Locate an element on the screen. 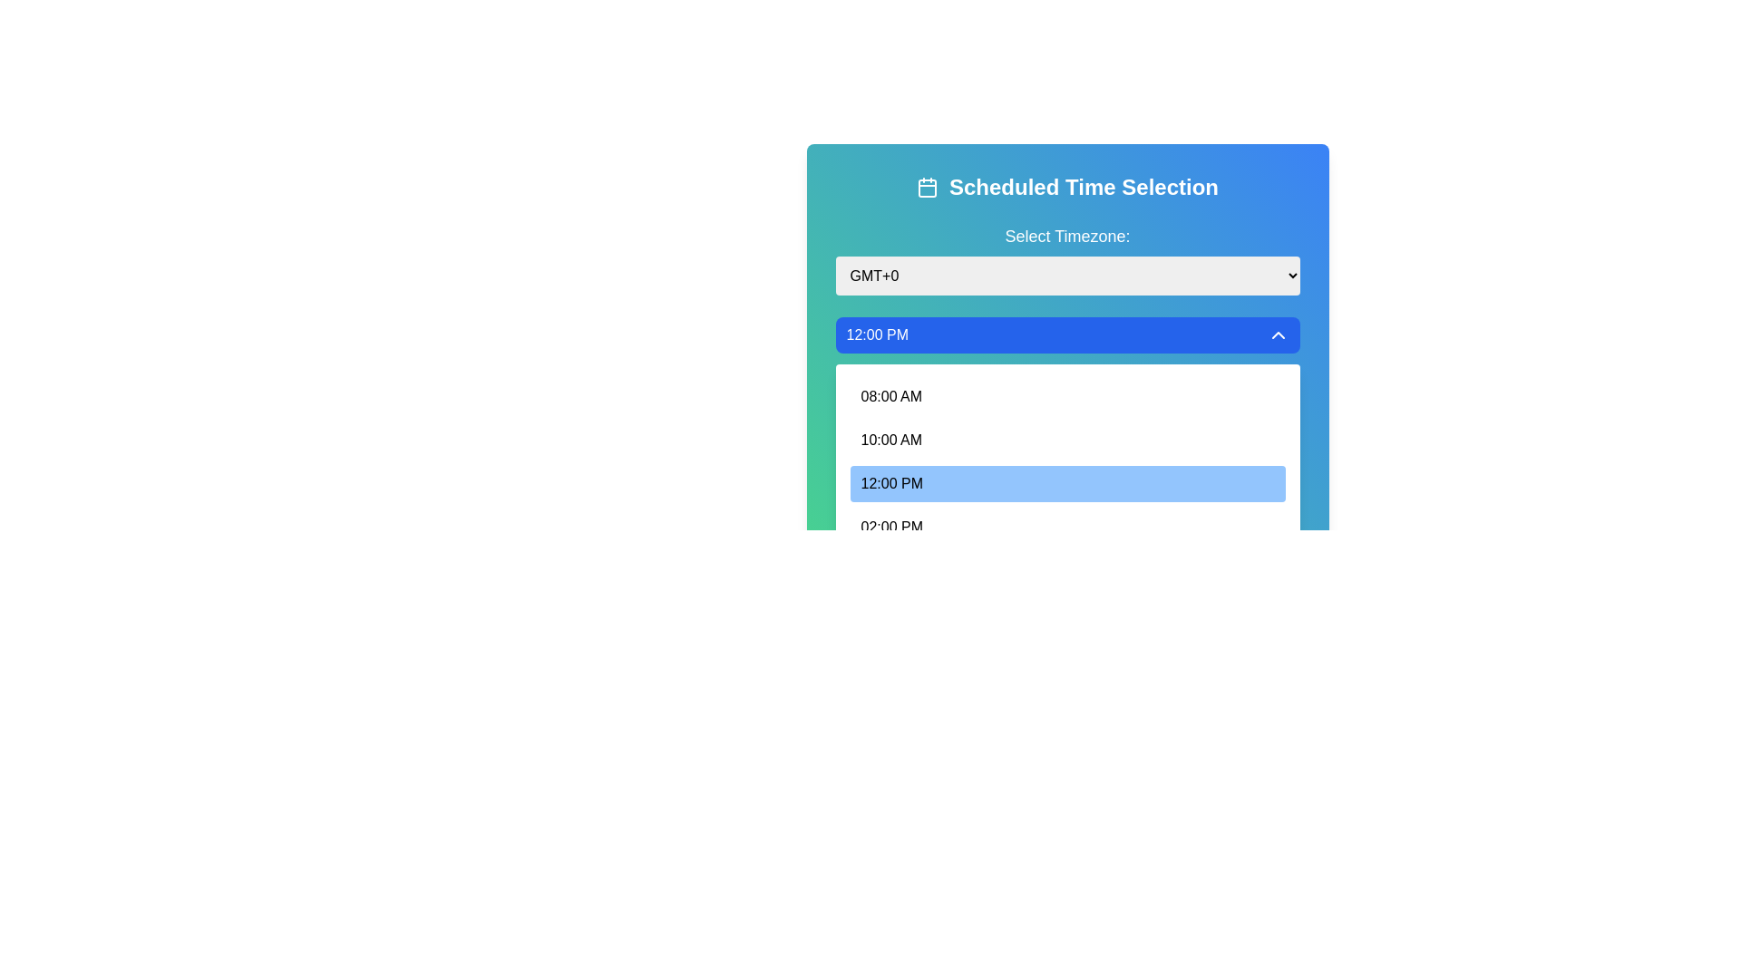  the decorative calendar icon located at the top left part of the interface, adjacent to the text 'Scheduled Time Selection' is located at coordinates (927, 188).